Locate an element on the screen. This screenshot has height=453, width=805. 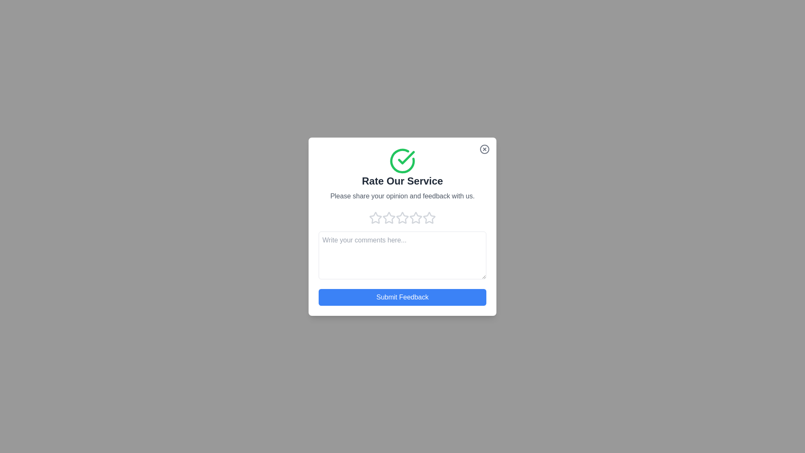
the rating to 4 stars by clicking on the corresponding star is located at coordinates (416, 217).